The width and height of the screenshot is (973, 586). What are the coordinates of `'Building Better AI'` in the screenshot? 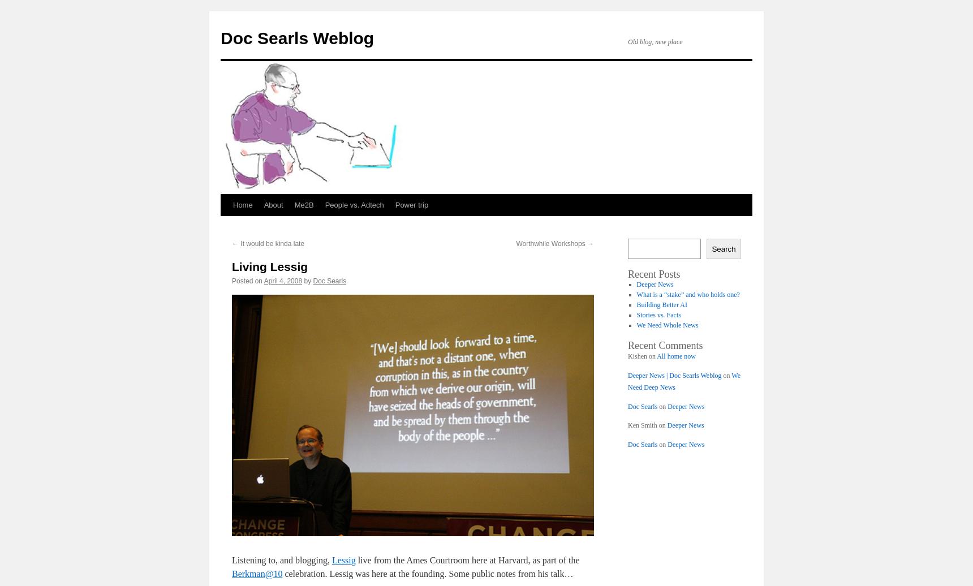 It's located at (636, 305).